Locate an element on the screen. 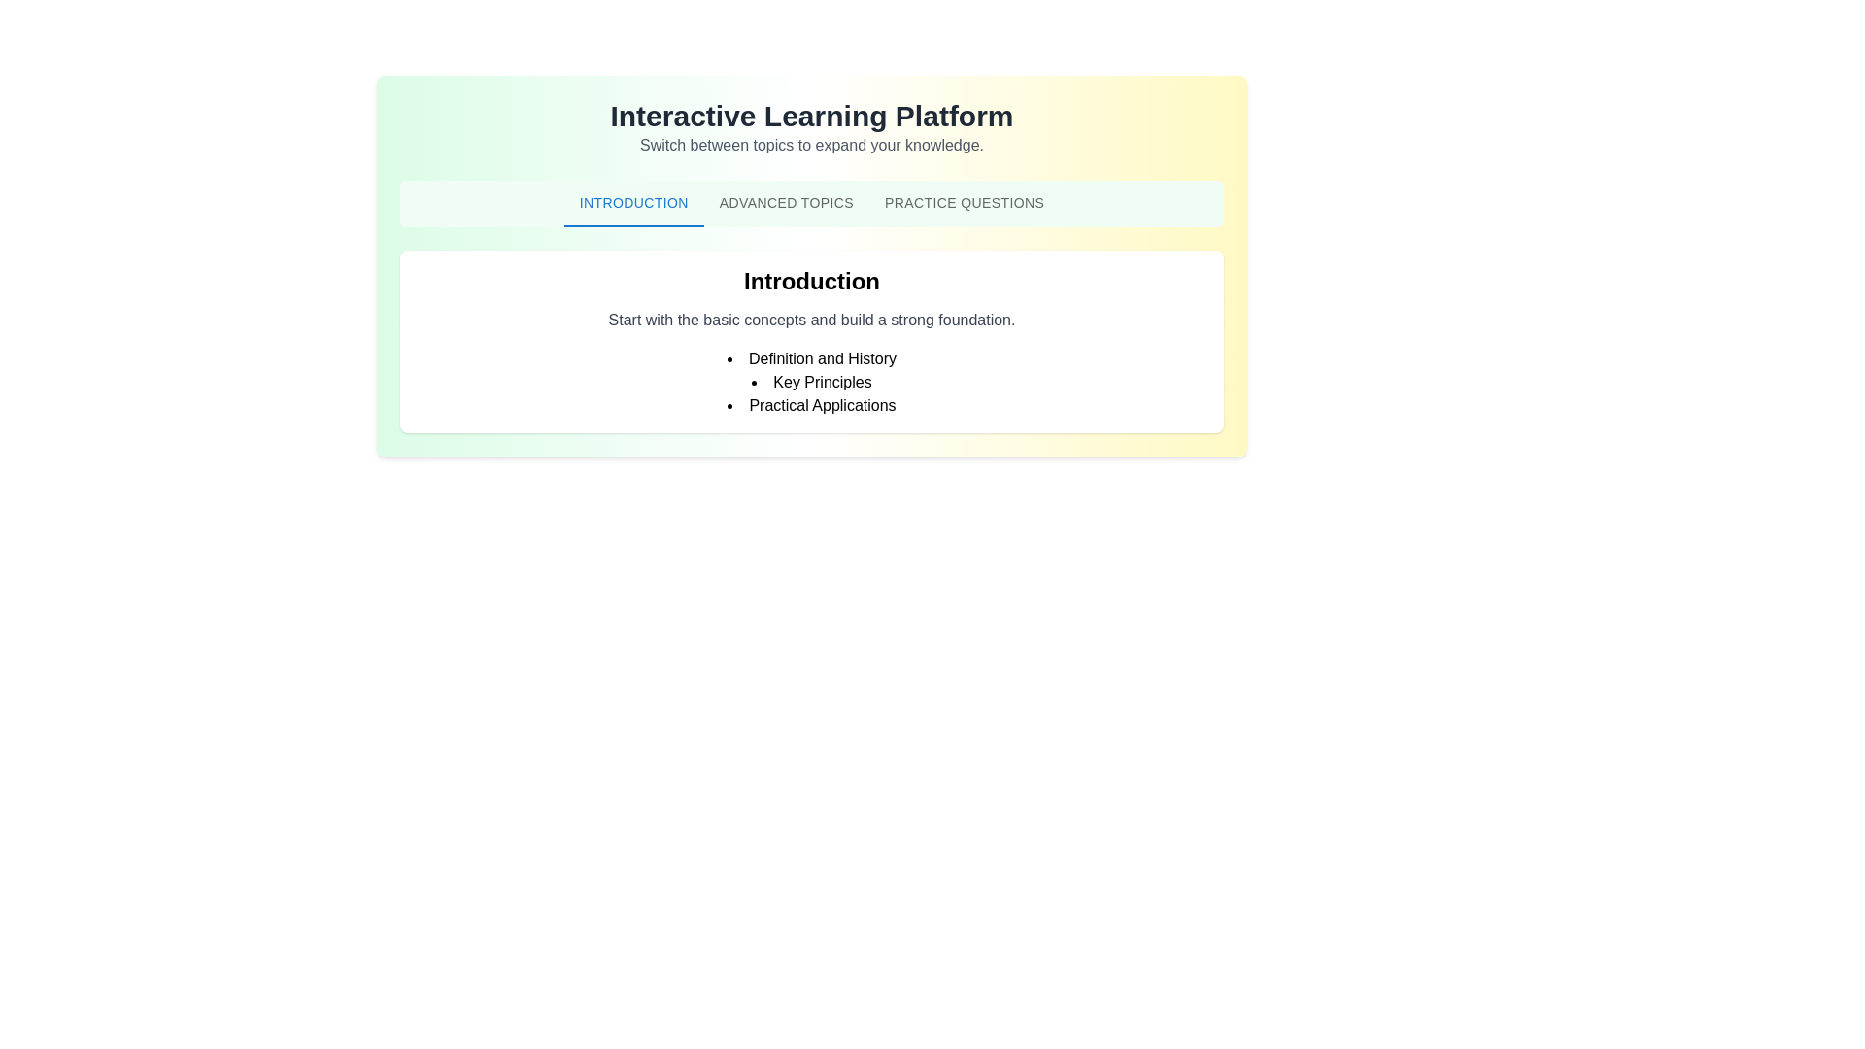 The image size is (1865, 1049). the 'Introduction' tab in the navigation bar is located at coordinates (633, 203).